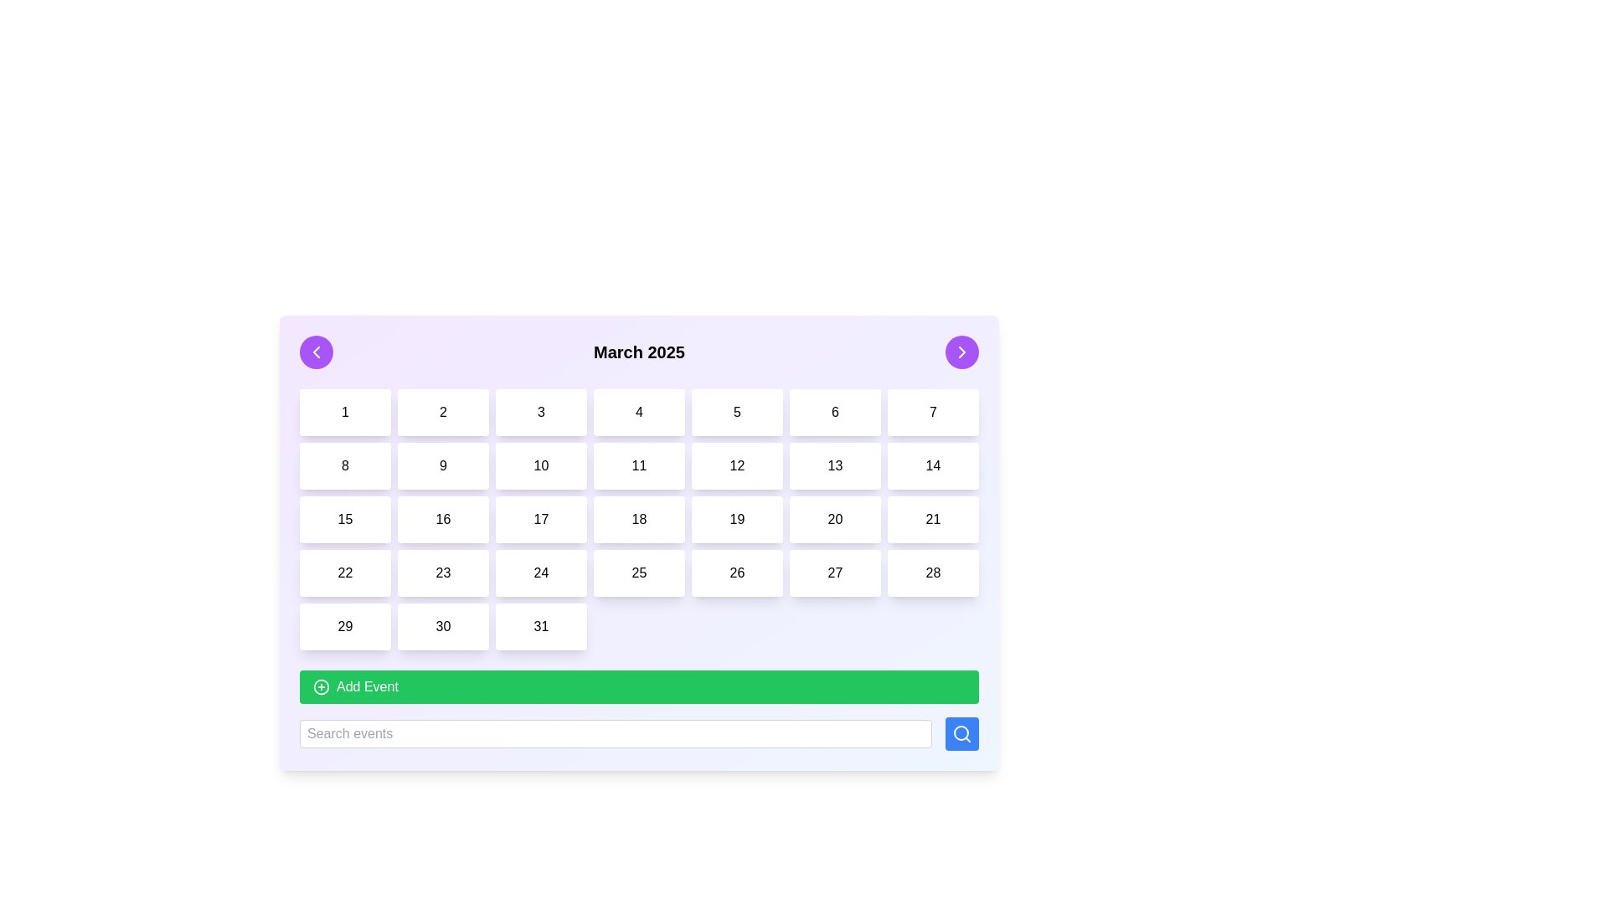 The image size is (1608, 904). I want to click on the right-pointing arrow icon inside the circular purple button located at the top-right corner of the calendar interface, so click(961, 351).